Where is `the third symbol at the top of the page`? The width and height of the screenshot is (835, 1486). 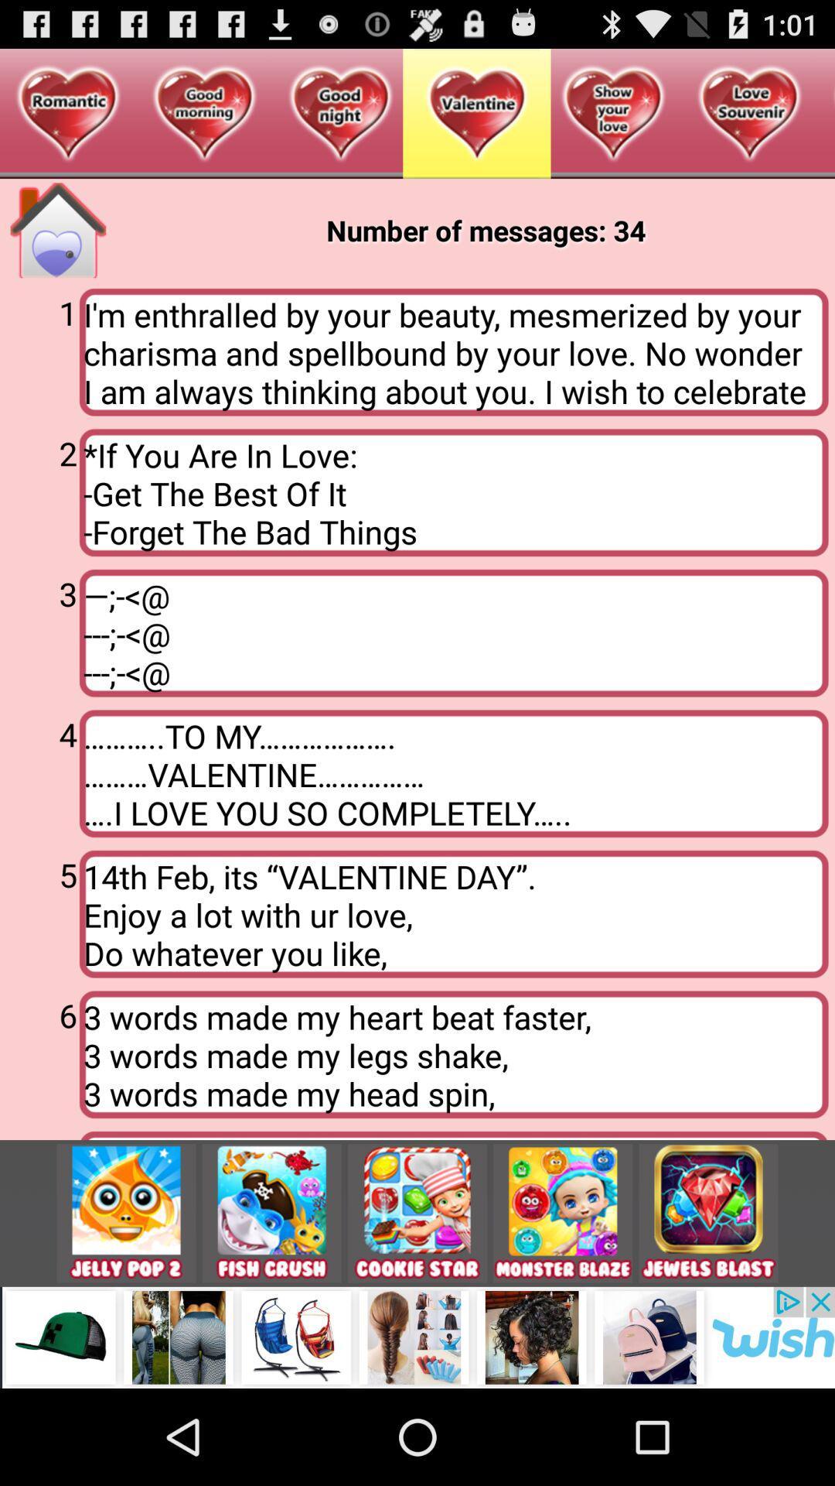 the third symbol at the top of the page is located at coordinates (339, 114).